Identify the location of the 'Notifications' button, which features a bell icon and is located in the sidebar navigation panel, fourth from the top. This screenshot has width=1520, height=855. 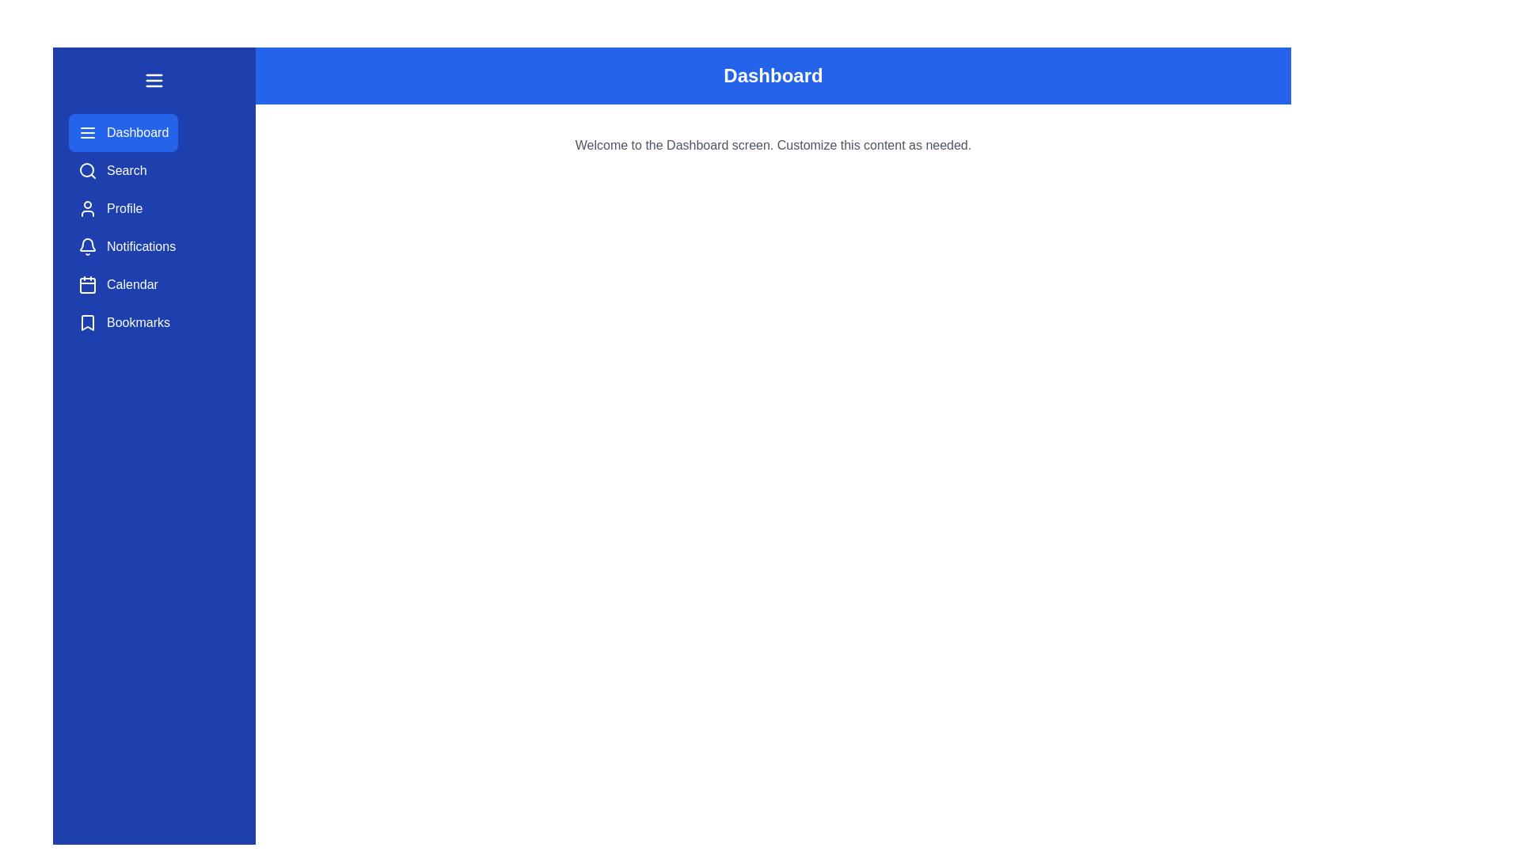
(127, 247).